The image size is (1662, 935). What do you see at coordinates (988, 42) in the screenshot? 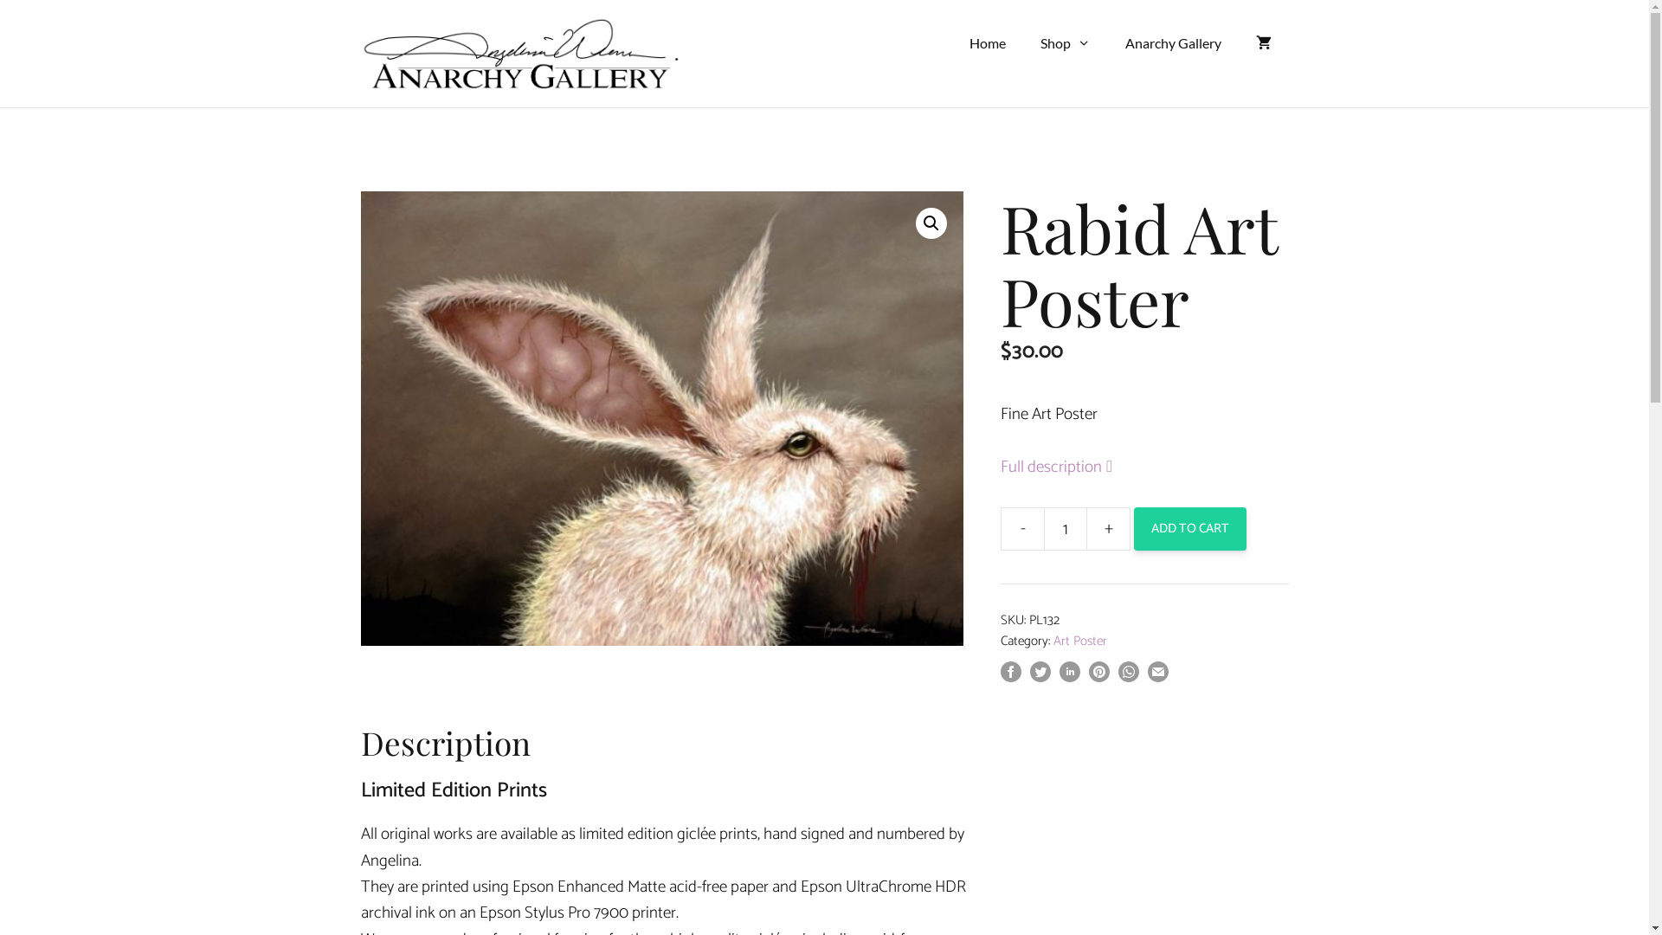
I see `'Home'` at bounding box center [988, 42].